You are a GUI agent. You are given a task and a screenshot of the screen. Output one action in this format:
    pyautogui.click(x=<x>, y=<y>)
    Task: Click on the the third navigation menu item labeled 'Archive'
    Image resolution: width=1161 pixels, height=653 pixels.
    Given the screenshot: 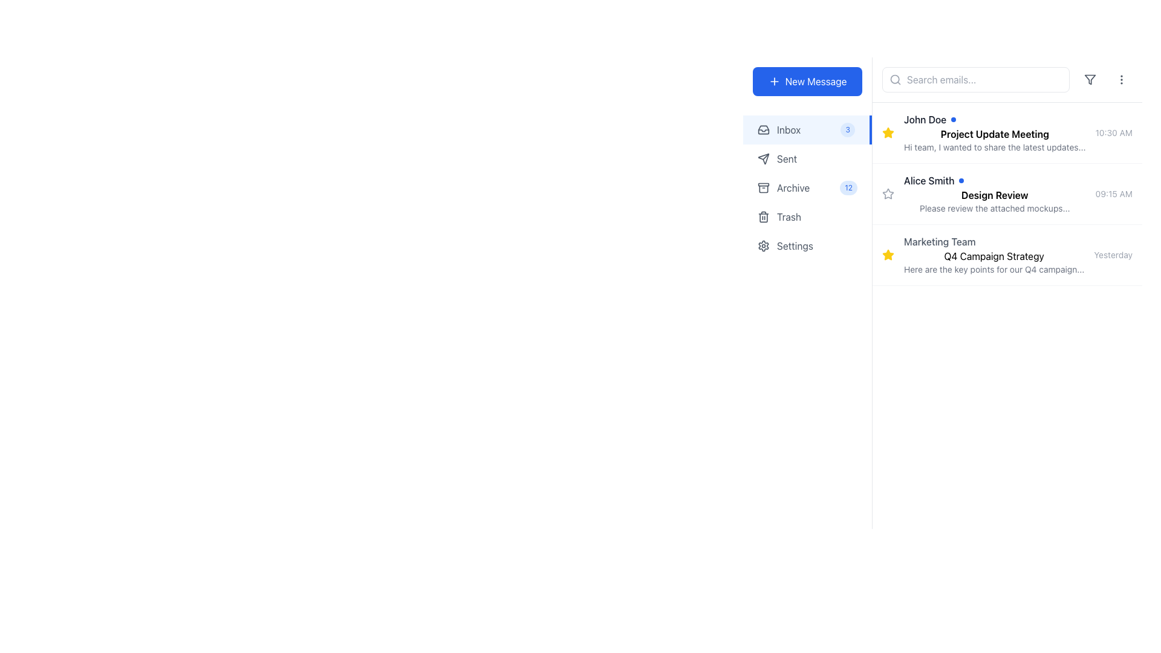 What is the action you would take?
    pyautogui.click(x=807, y=188)
    